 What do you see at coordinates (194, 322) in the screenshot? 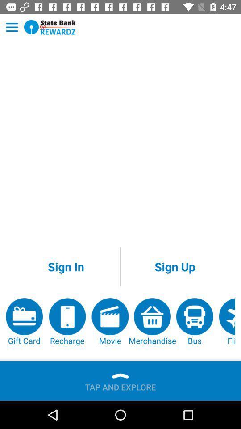
I see `the app to the right of the merchandise item` at bounding box center [194, 322].